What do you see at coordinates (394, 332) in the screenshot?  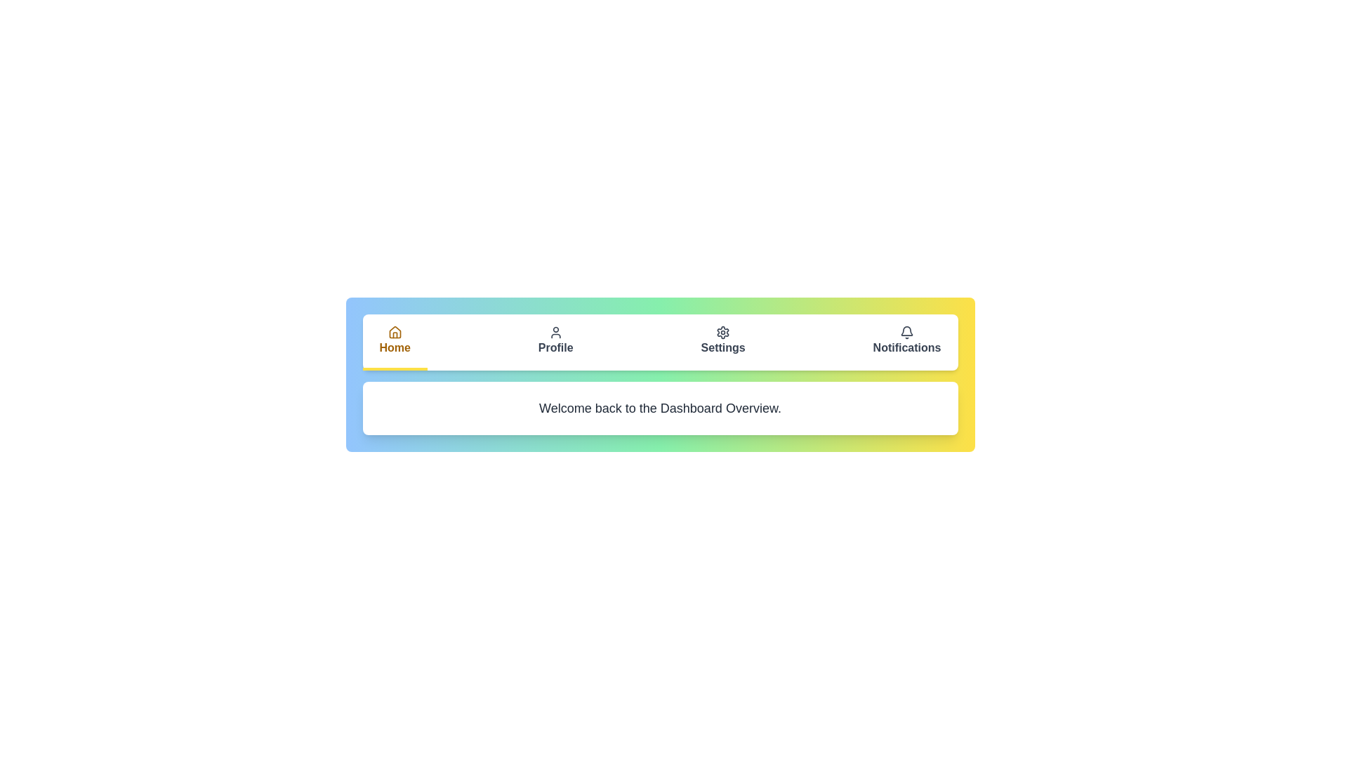 I see `the house icon, which is a simplistic geometric shape resembling a pitched-roof house, located next to the 'Home' label in the navigation icons at the top of the interface` at bounding box center [394, 332].